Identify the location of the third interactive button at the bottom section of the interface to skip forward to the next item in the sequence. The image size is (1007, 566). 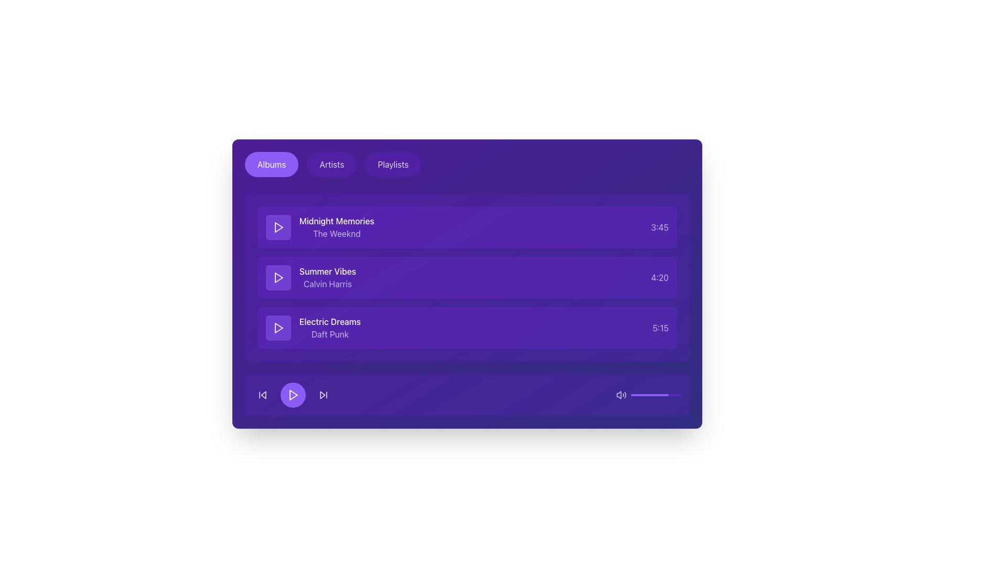
(323, 395).